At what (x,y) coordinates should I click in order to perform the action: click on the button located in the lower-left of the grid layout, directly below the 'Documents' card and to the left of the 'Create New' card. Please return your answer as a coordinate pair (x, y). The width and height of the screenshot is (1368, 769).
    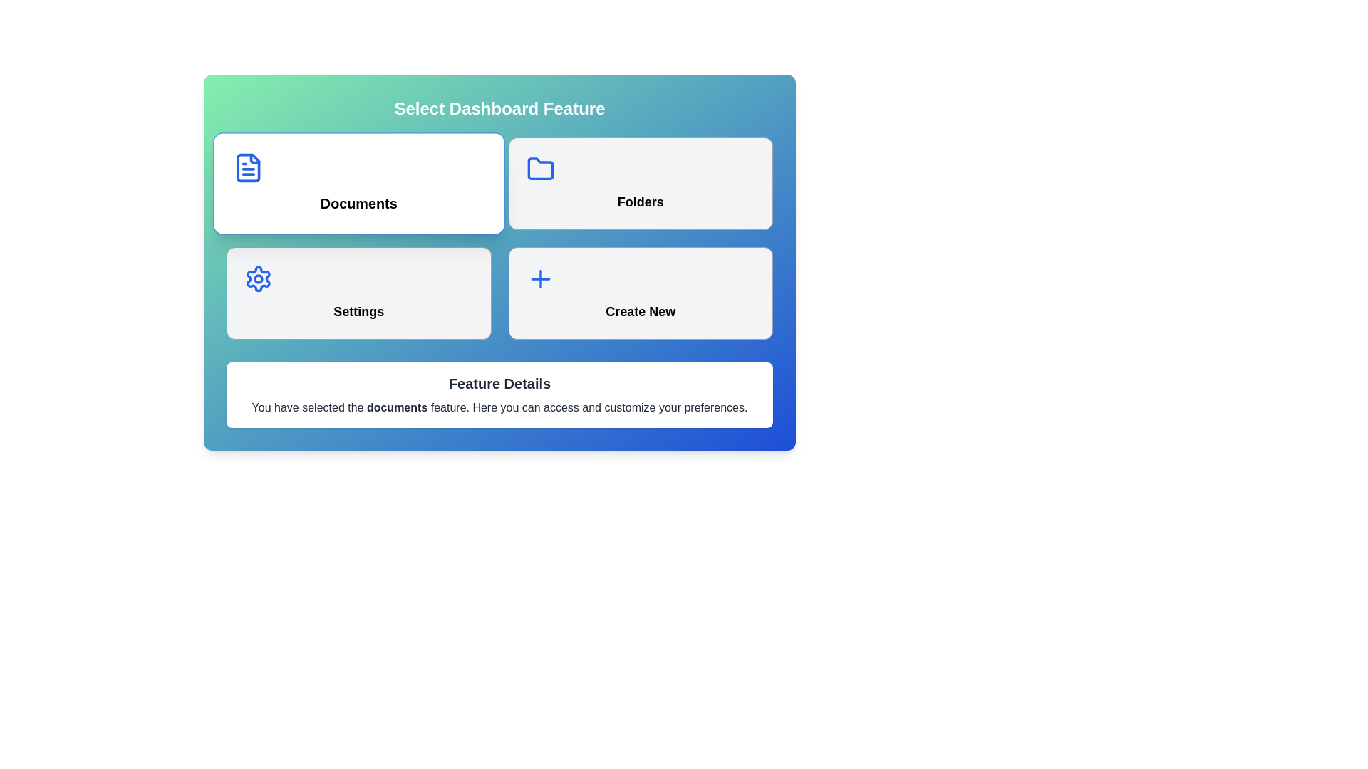
    Looking at the image, I should click on (358, 293).